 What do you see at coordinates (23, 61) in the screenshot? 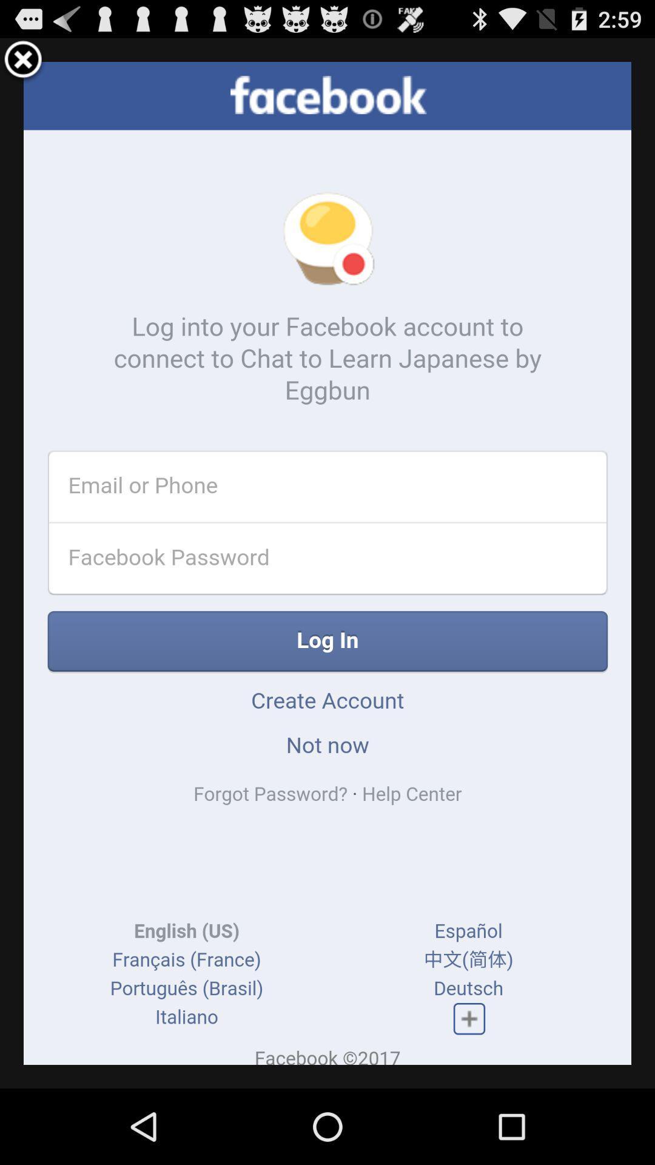
I see `advertisement` at bounding box center [23, 61].